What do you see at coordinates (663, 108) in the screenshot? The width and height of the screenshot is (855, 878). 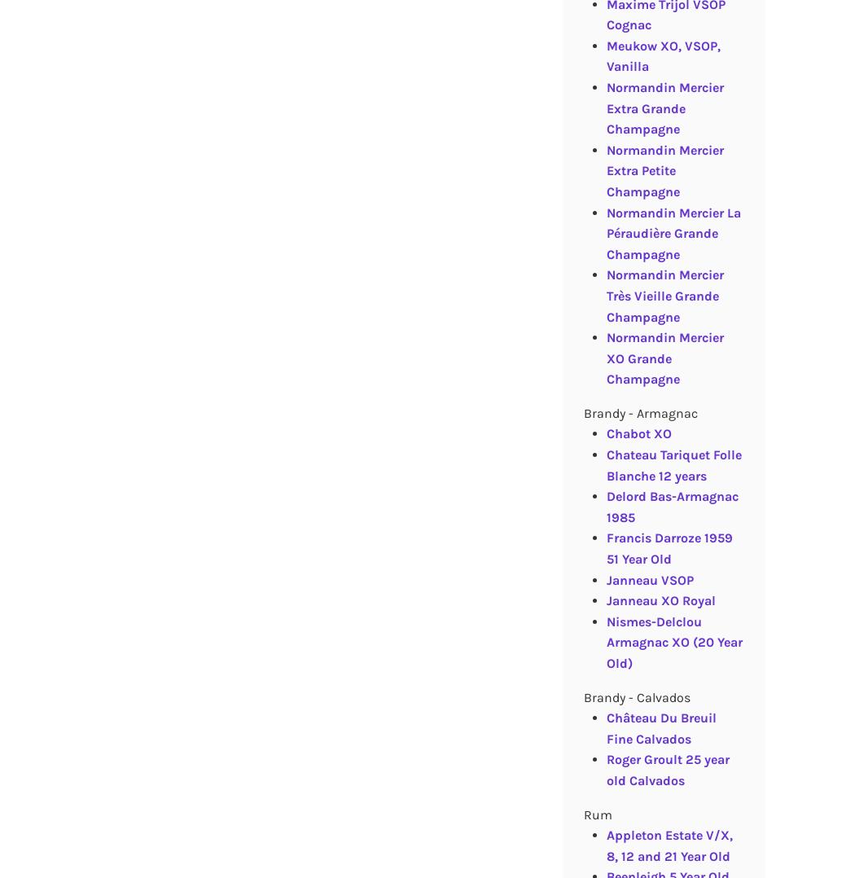 I see `'Normandin Mercier Extra Grande Champagne'` at bounding box center [663, 108].